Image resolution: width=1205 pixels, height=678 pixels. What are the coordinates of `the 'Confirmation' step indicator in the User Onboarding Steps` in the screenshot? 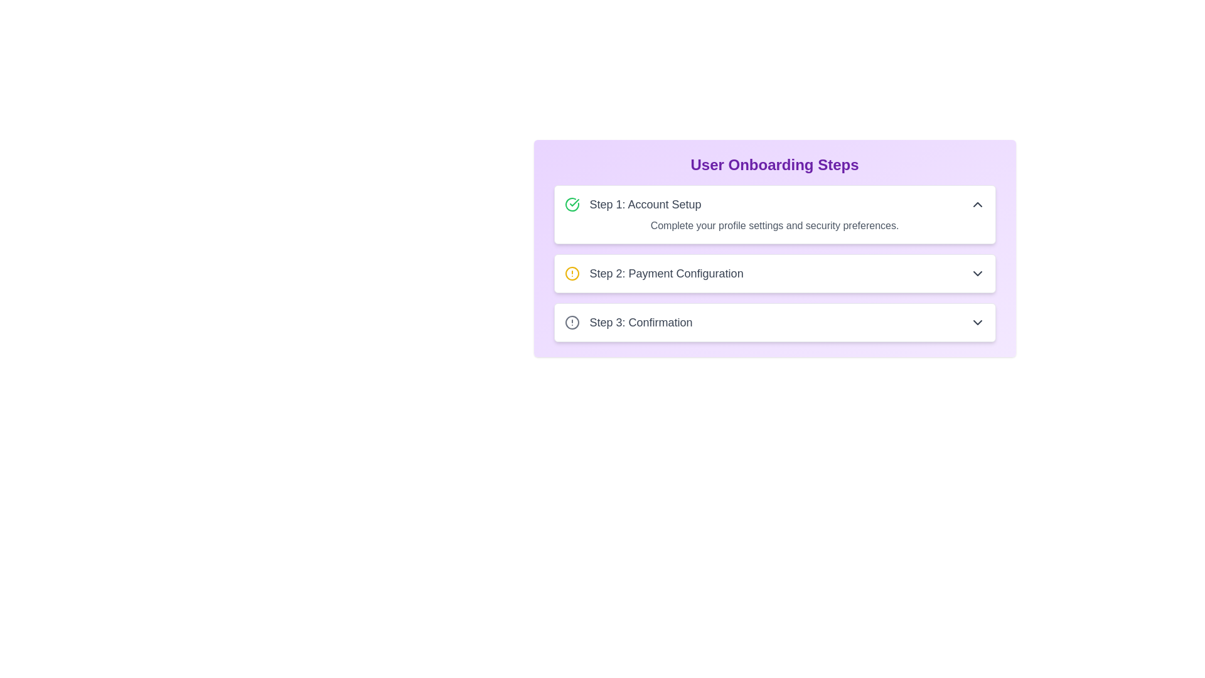 It's located at (774, 321).